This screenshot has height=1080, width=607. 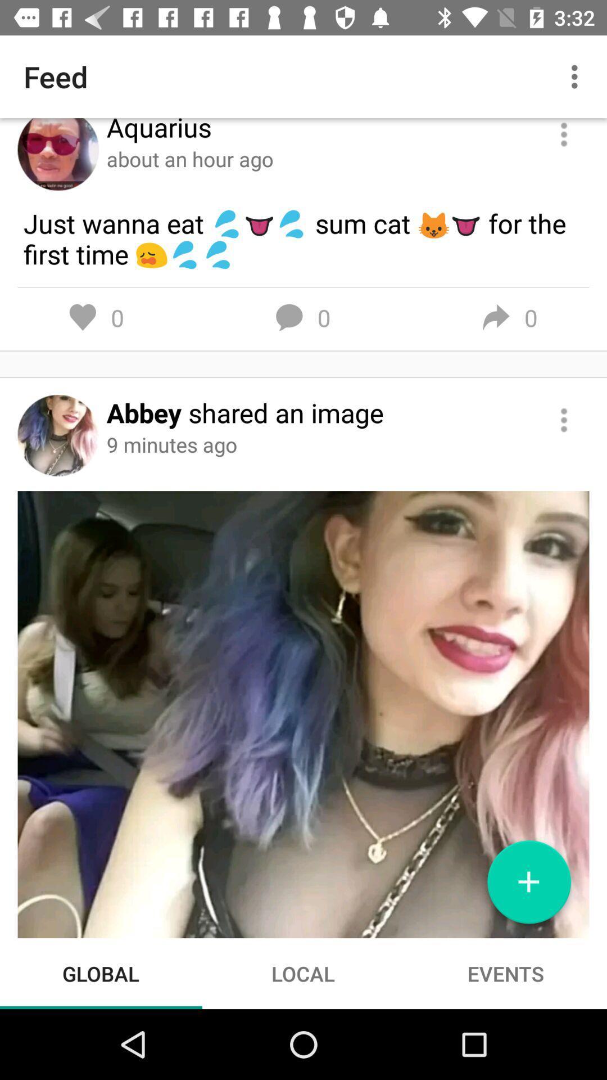 I want to click on profile picture, so click(x=58, y=154).